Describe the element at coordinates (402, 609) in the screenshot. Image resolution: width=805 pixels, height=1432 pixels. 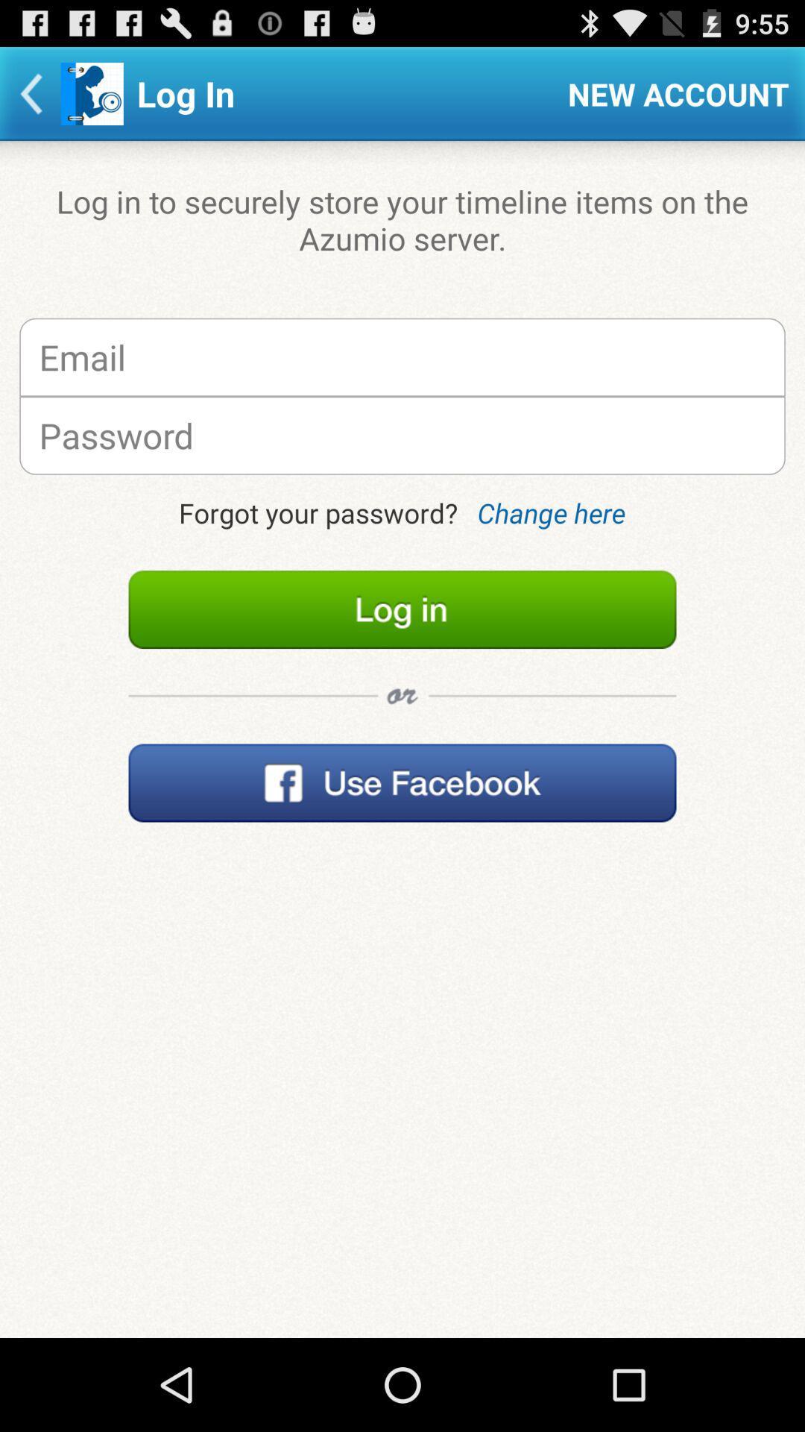
I see `log in` at that location.